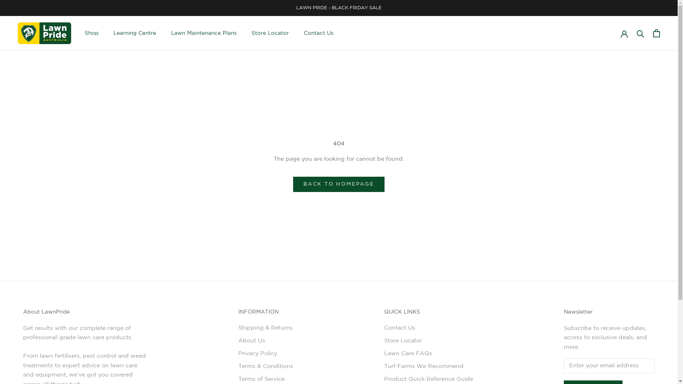 Image resolution: width=683 pixels, height=384 pixels. I want to click on 'BACK TO HOMEPAGE', so click(338, 184).